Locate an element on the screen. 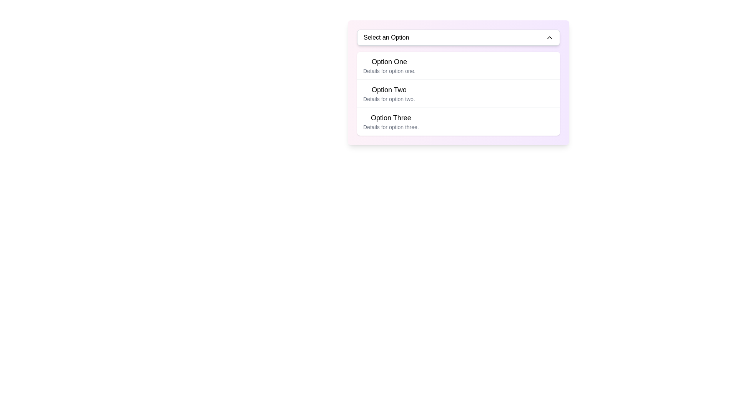  the first selectable option label in the dropdown menu is located at coordinates (389, 61).